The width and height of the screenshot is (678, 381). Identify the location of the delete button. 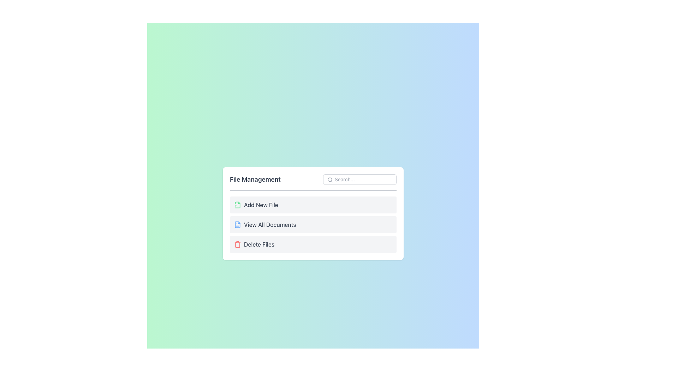
(313, 244).